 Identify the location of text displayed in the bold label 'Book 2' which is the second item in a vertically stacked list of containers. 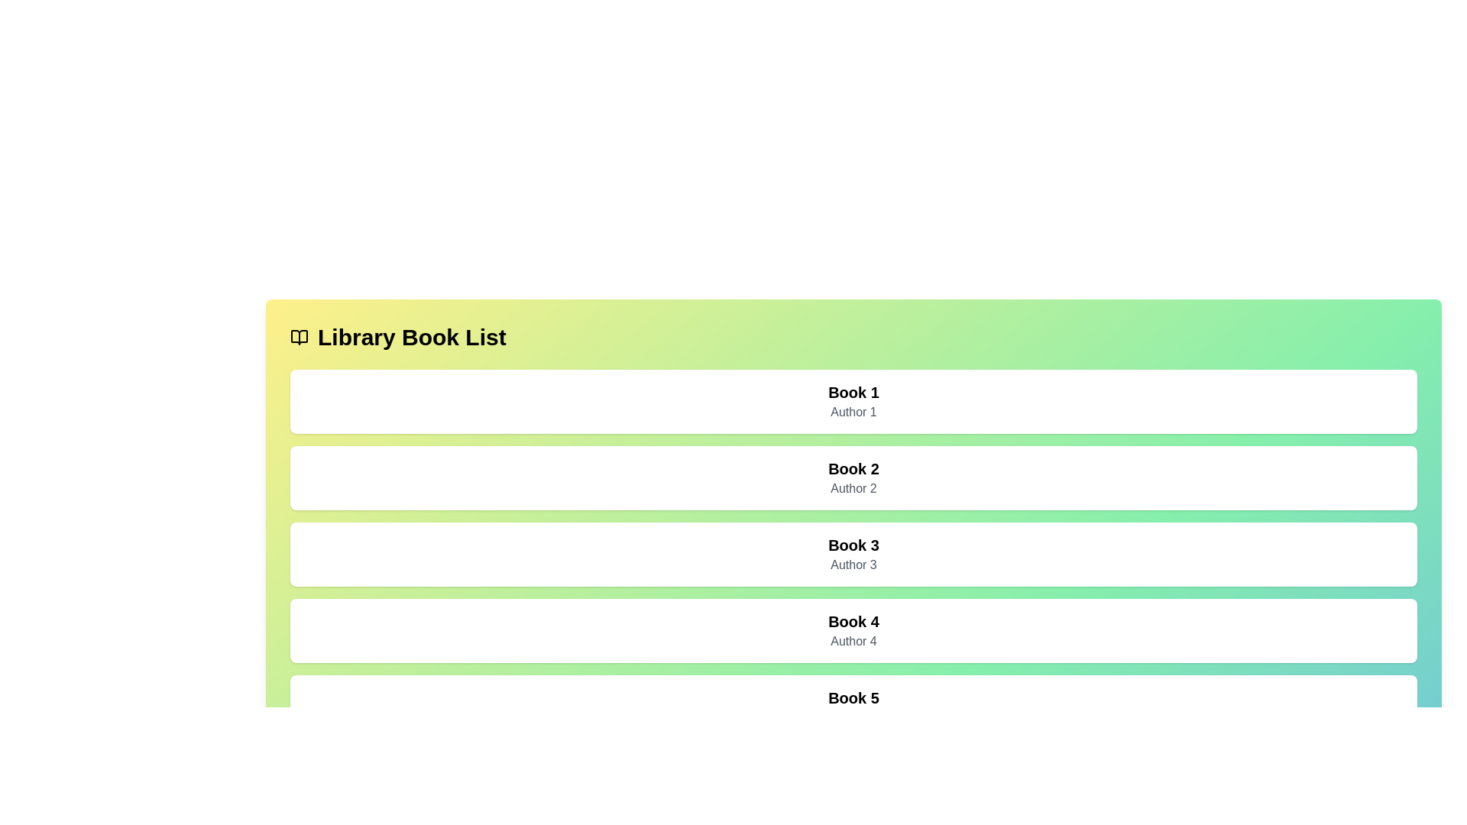
(853, 467).